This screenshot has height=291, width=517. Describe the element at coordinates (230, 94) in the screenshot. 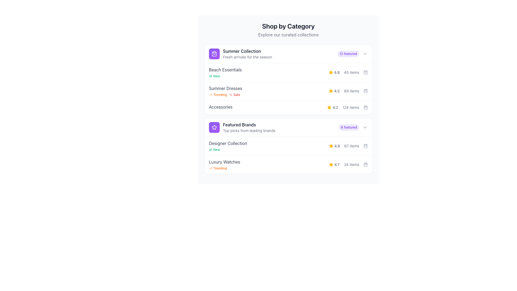

I see `the decorative icon that emphasizes the 'Sale' label next to the 'Summer Dresses' category` at that location.